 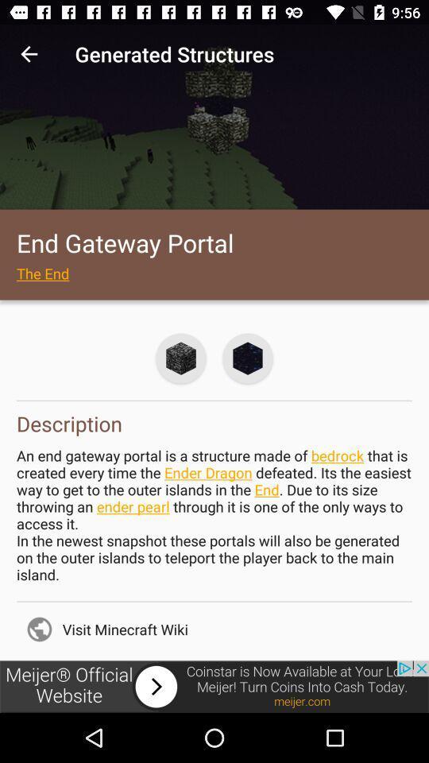 What do you see at coordinates (248, 358) in the screenshot?
I see `the second symbol which is below the end` at bounding box center [248, 358].